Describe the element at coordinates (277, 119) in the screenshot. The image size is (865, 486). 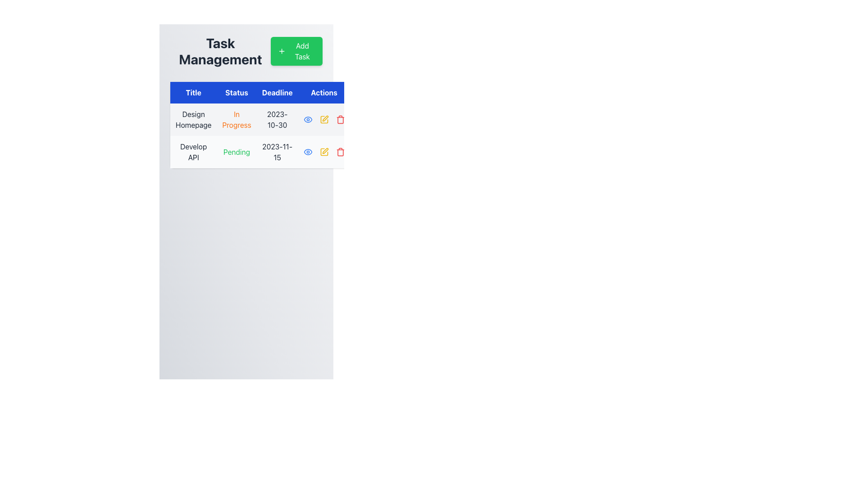
I see `date displayed in the Text Label located in the 'Deadline' column of the first row in the 'Task Management' table, which shows '2023-10-30'` at that location.